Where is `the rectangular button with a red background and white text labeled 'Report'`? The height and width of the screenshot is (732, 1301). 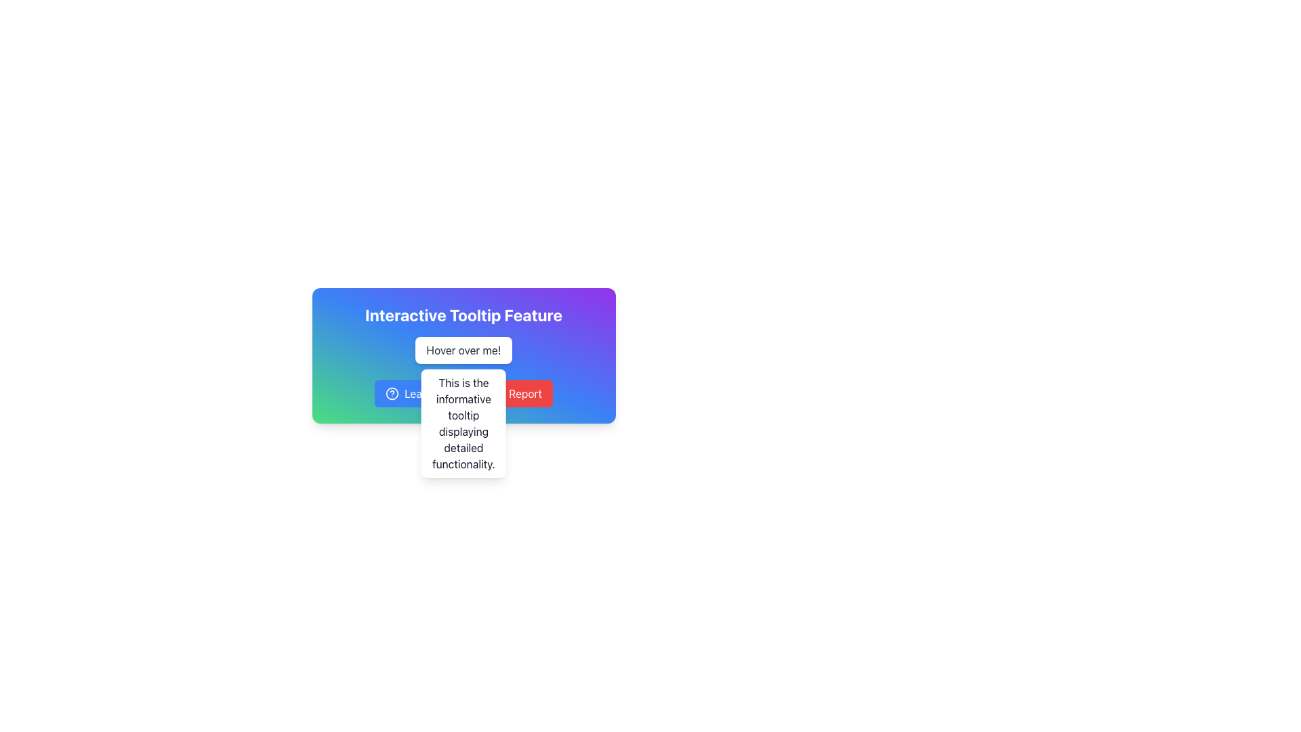 the rectangular button with a red background and white text labeled 'Report' is located at coordinates (515, 394).